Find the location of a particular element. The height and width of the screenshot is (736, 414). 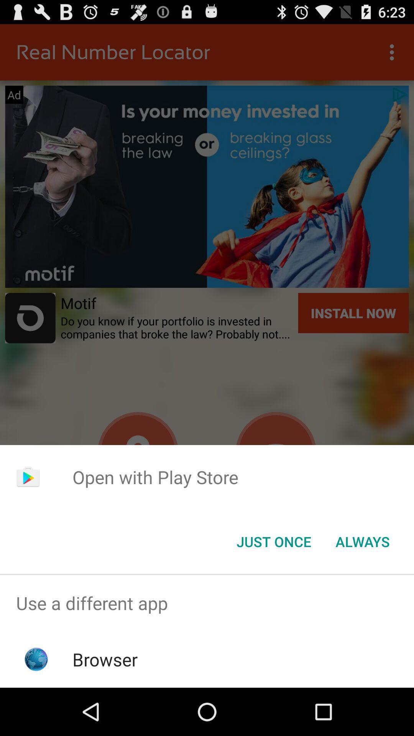

icon above the browser icon is located at coordinates (207, 603).